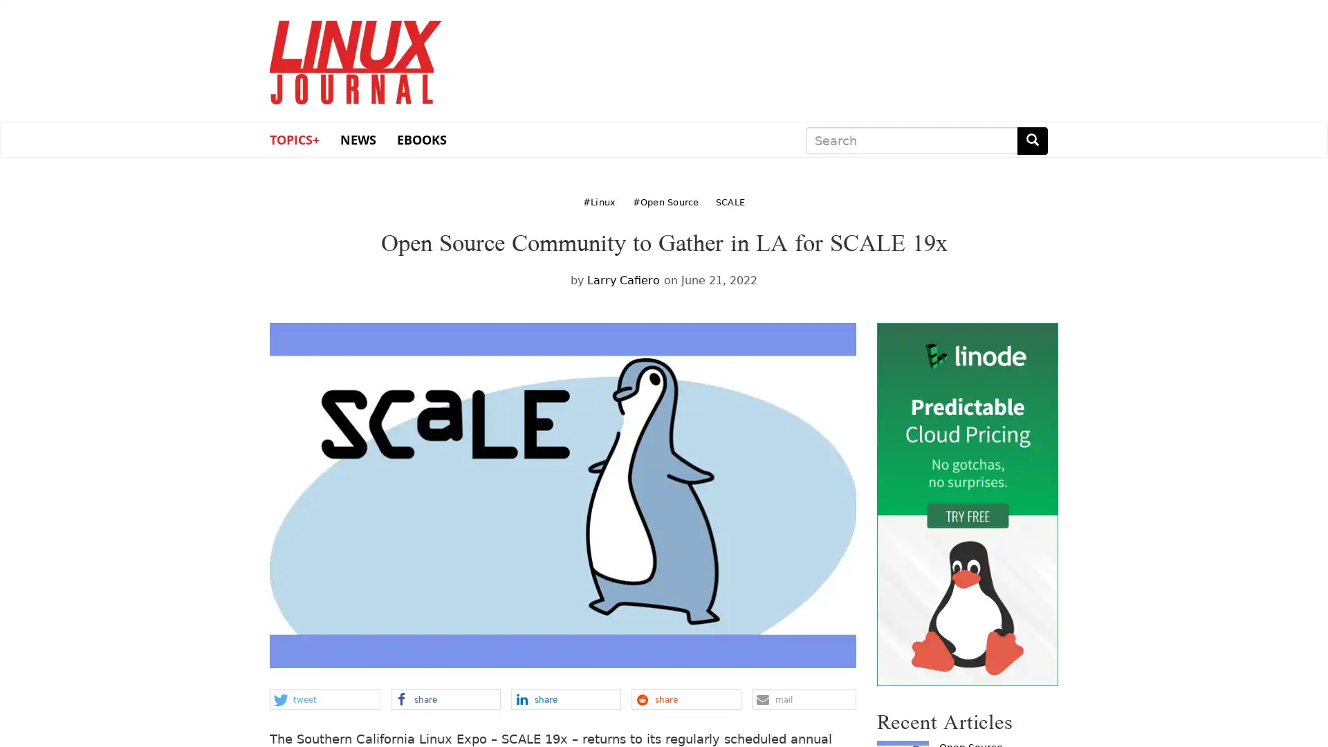 The width and height of the screenshot is (1328, 747). Describe the element at coordinates (324, 699) in the screenshot. I see `Share on Twitter` at that location.